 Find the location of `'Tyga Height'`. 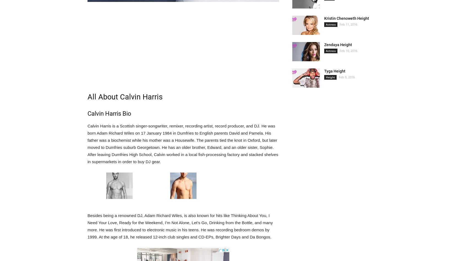

'Tyga Height' is located at coordinates (334, 71).